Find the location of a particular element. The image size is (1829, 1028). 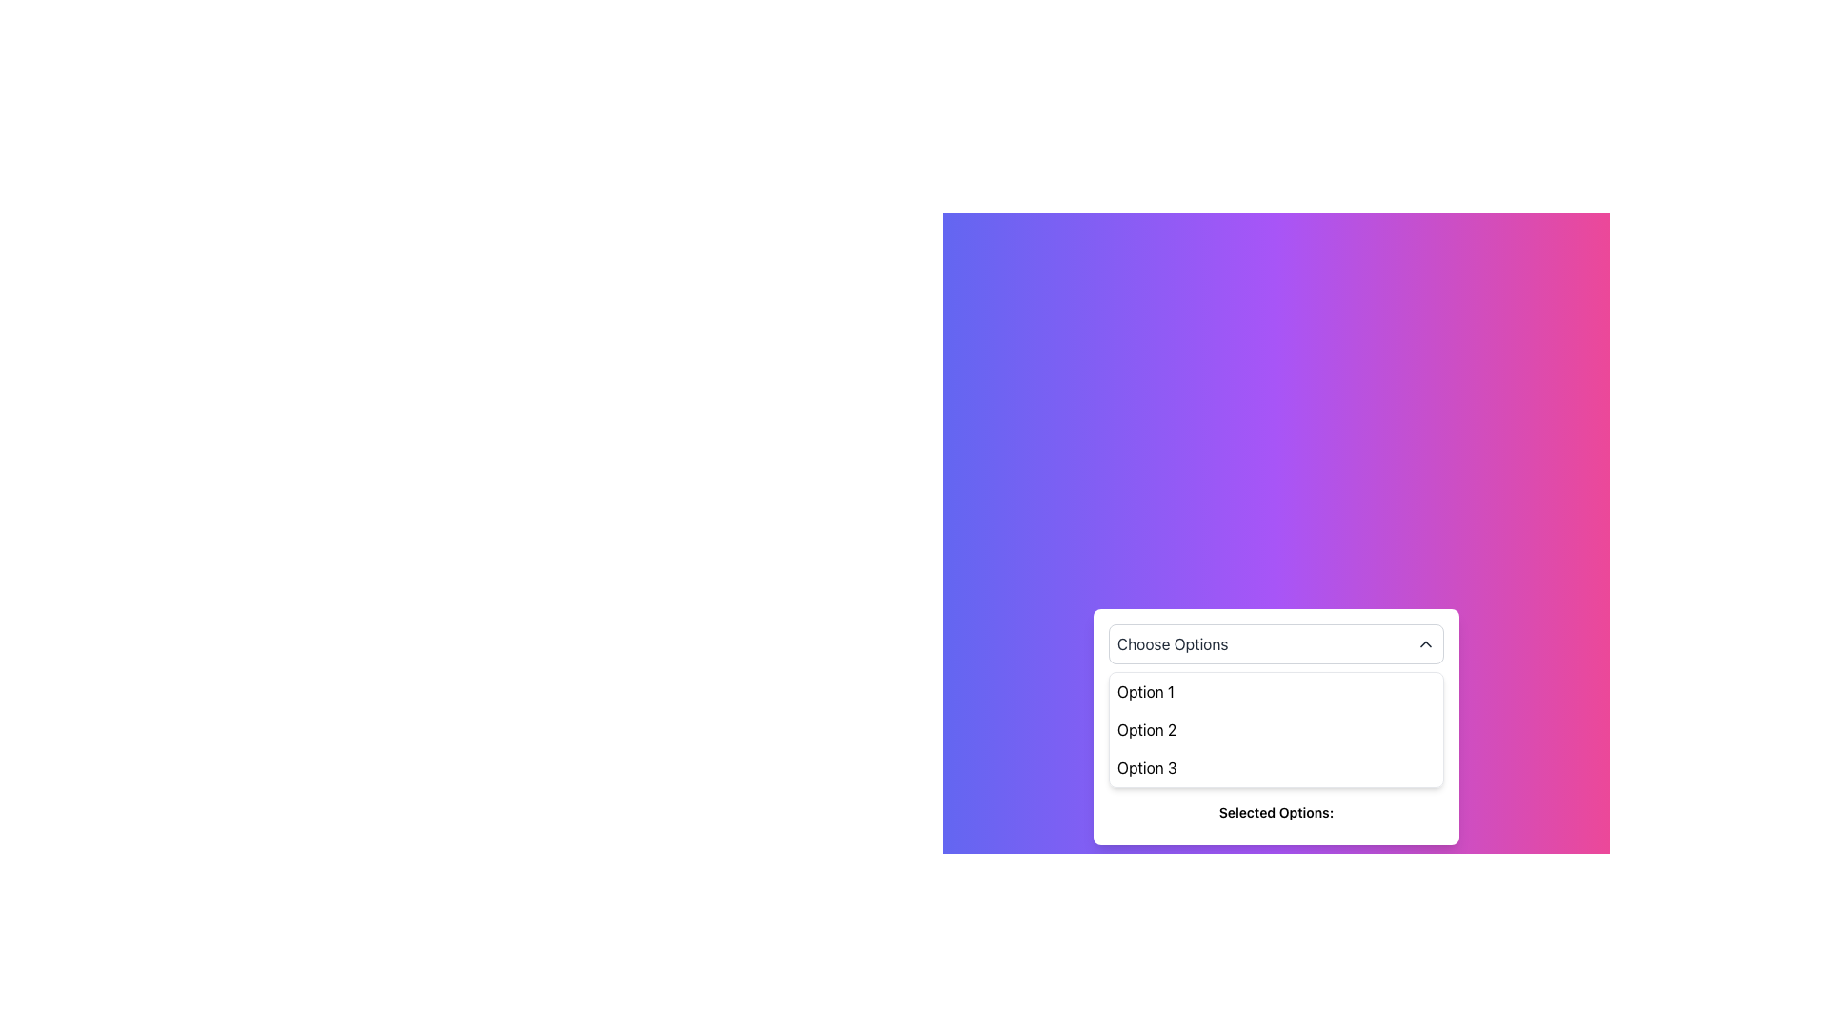

the static text label that indicates the currently selected option in the dropdown menu, located at the top-left area of the dropdown's header section is located at coordinates (1172, 643).